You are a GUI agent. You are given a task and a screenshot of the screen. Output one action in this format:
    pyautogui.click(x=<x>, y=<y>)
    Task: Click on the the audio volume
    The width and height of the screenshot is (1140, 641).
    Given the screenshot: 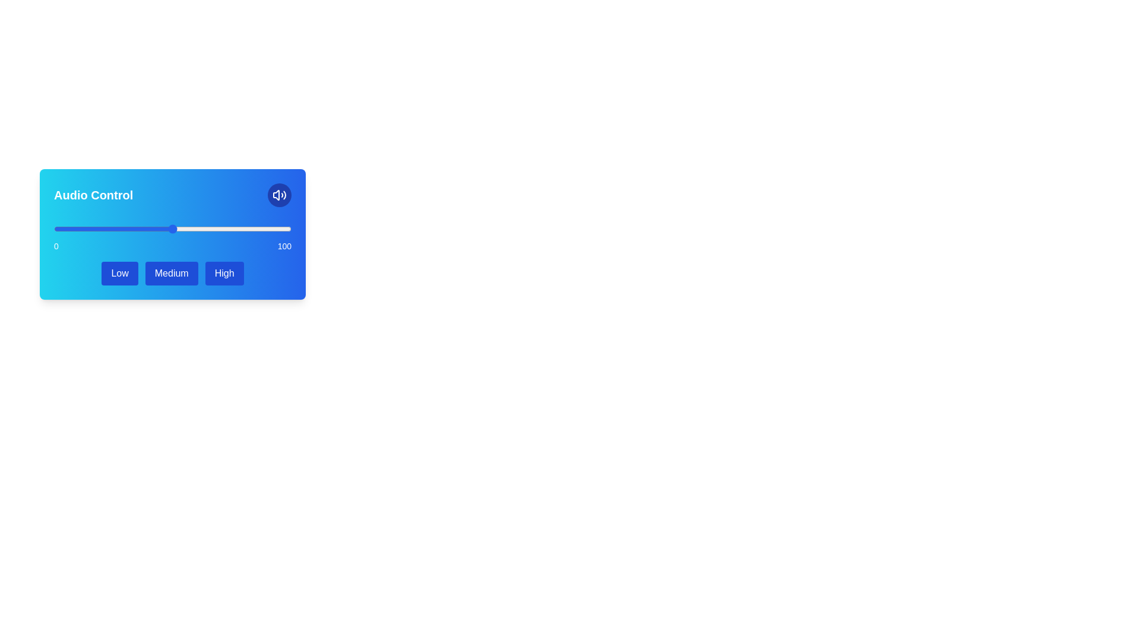 What is the action you would take?
    pyautogui.click(x=232, y=229)
    